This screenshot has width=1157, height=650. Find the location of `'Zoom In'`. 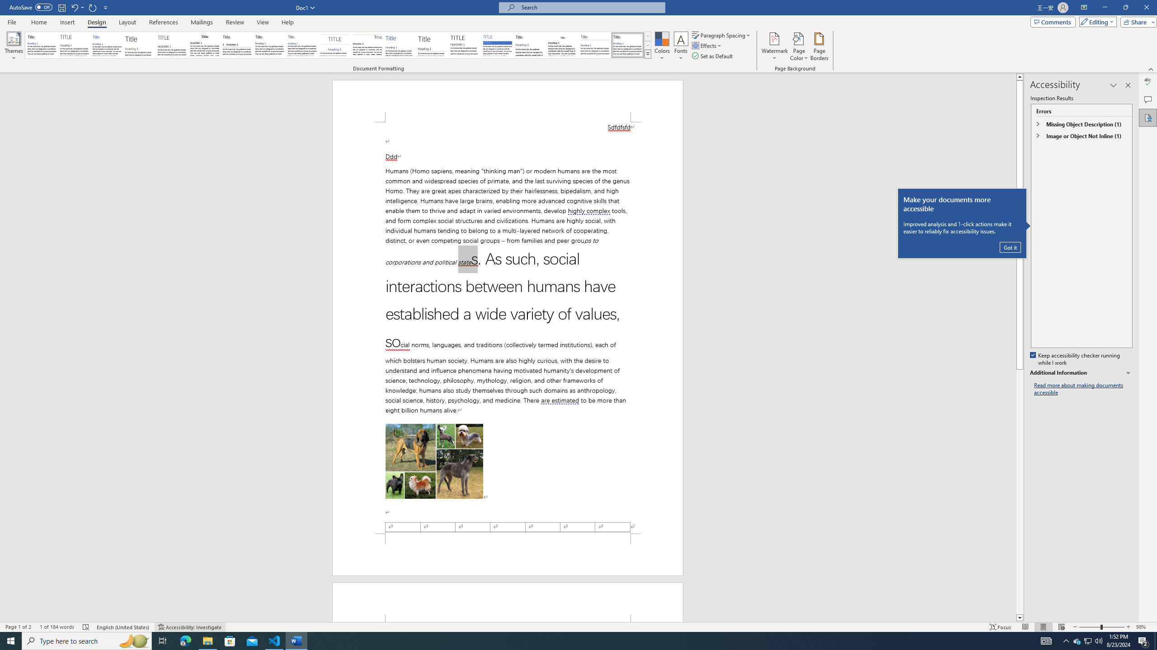

'Zoom In' is located at coordinates (1128, 627).